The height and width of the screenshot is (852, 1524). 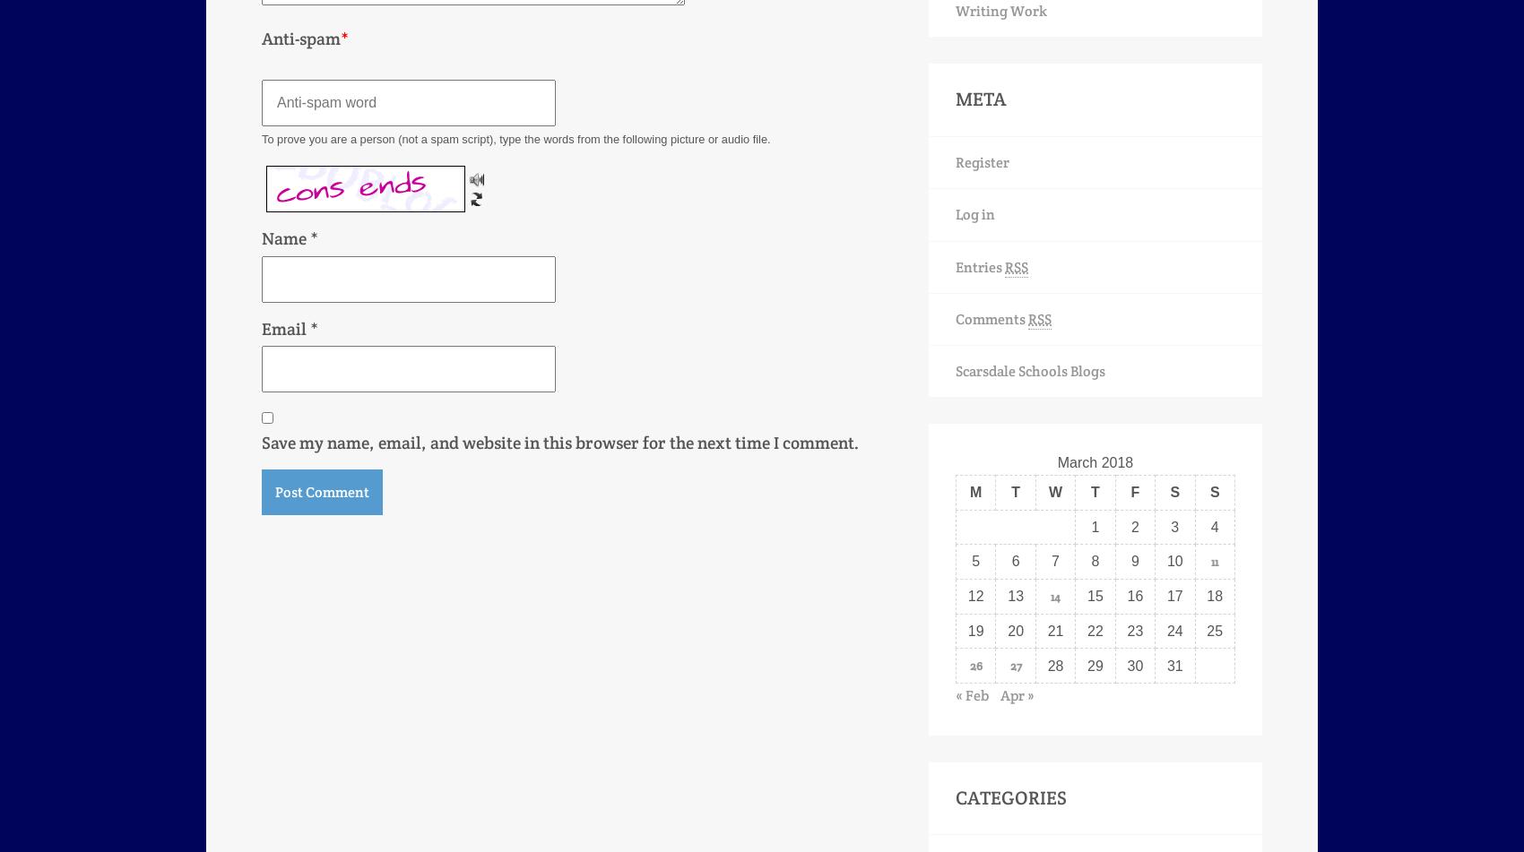 I want to click on 'Name', so click(x=285, y=237).